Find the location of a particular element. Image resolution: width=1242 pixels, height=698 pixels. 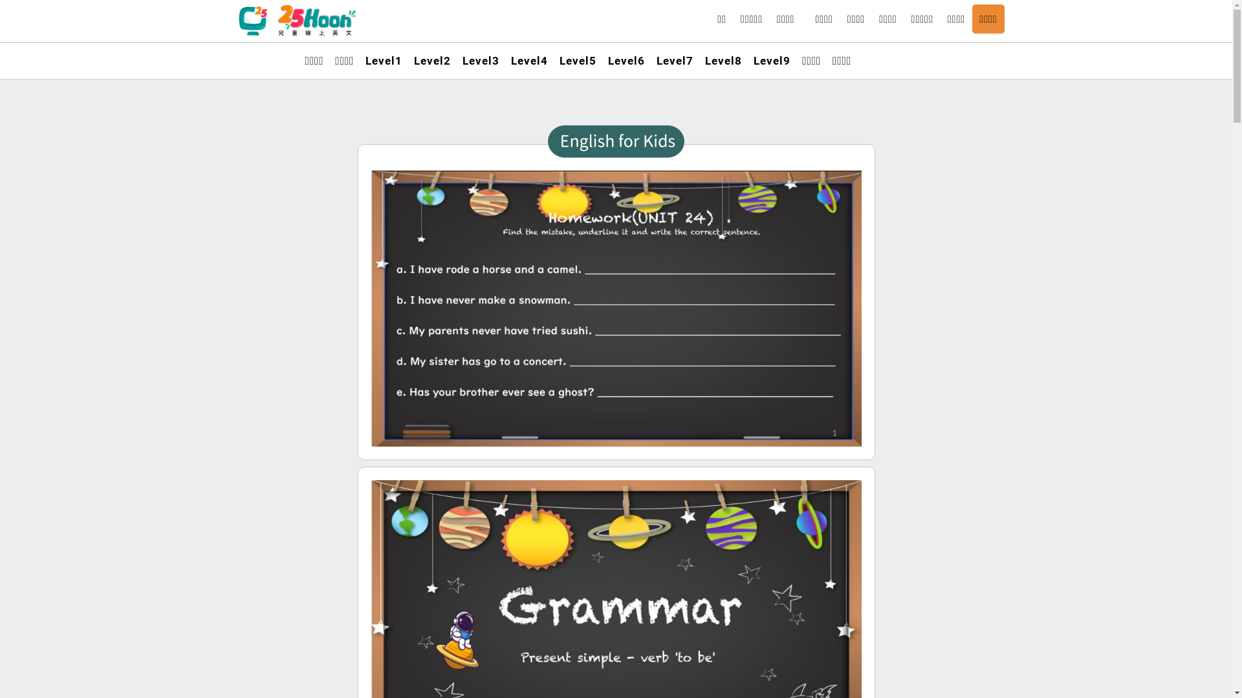

'Level4' is located at coordinates (529, 60).